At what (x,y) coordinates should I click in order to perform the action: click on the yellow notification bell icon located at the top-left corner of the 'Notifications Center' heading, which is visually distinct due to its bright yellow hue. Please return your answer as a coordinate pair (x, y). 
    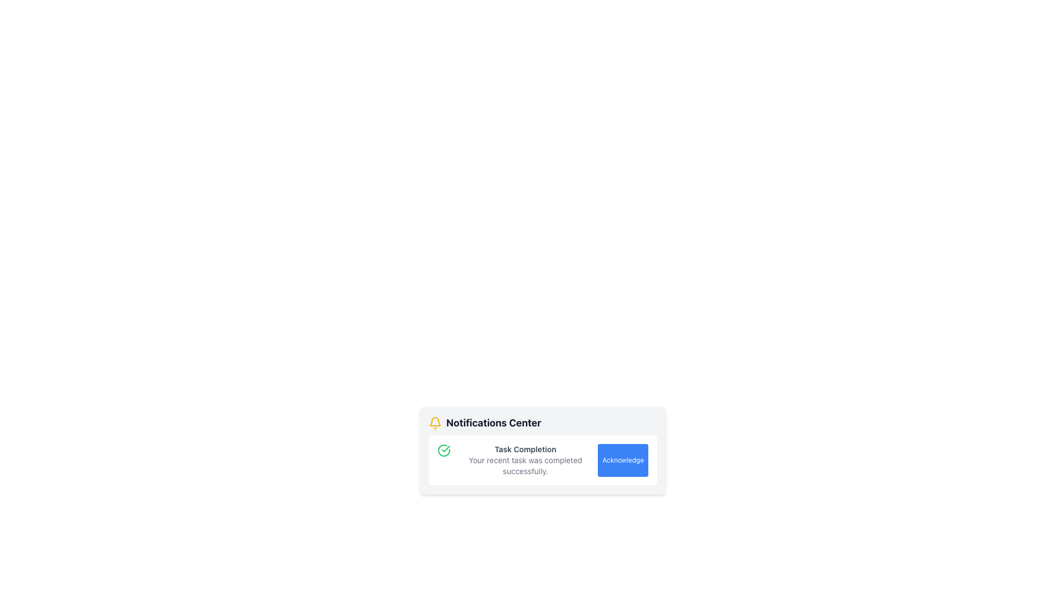
    Looking at the image, I should click on (434, 422).